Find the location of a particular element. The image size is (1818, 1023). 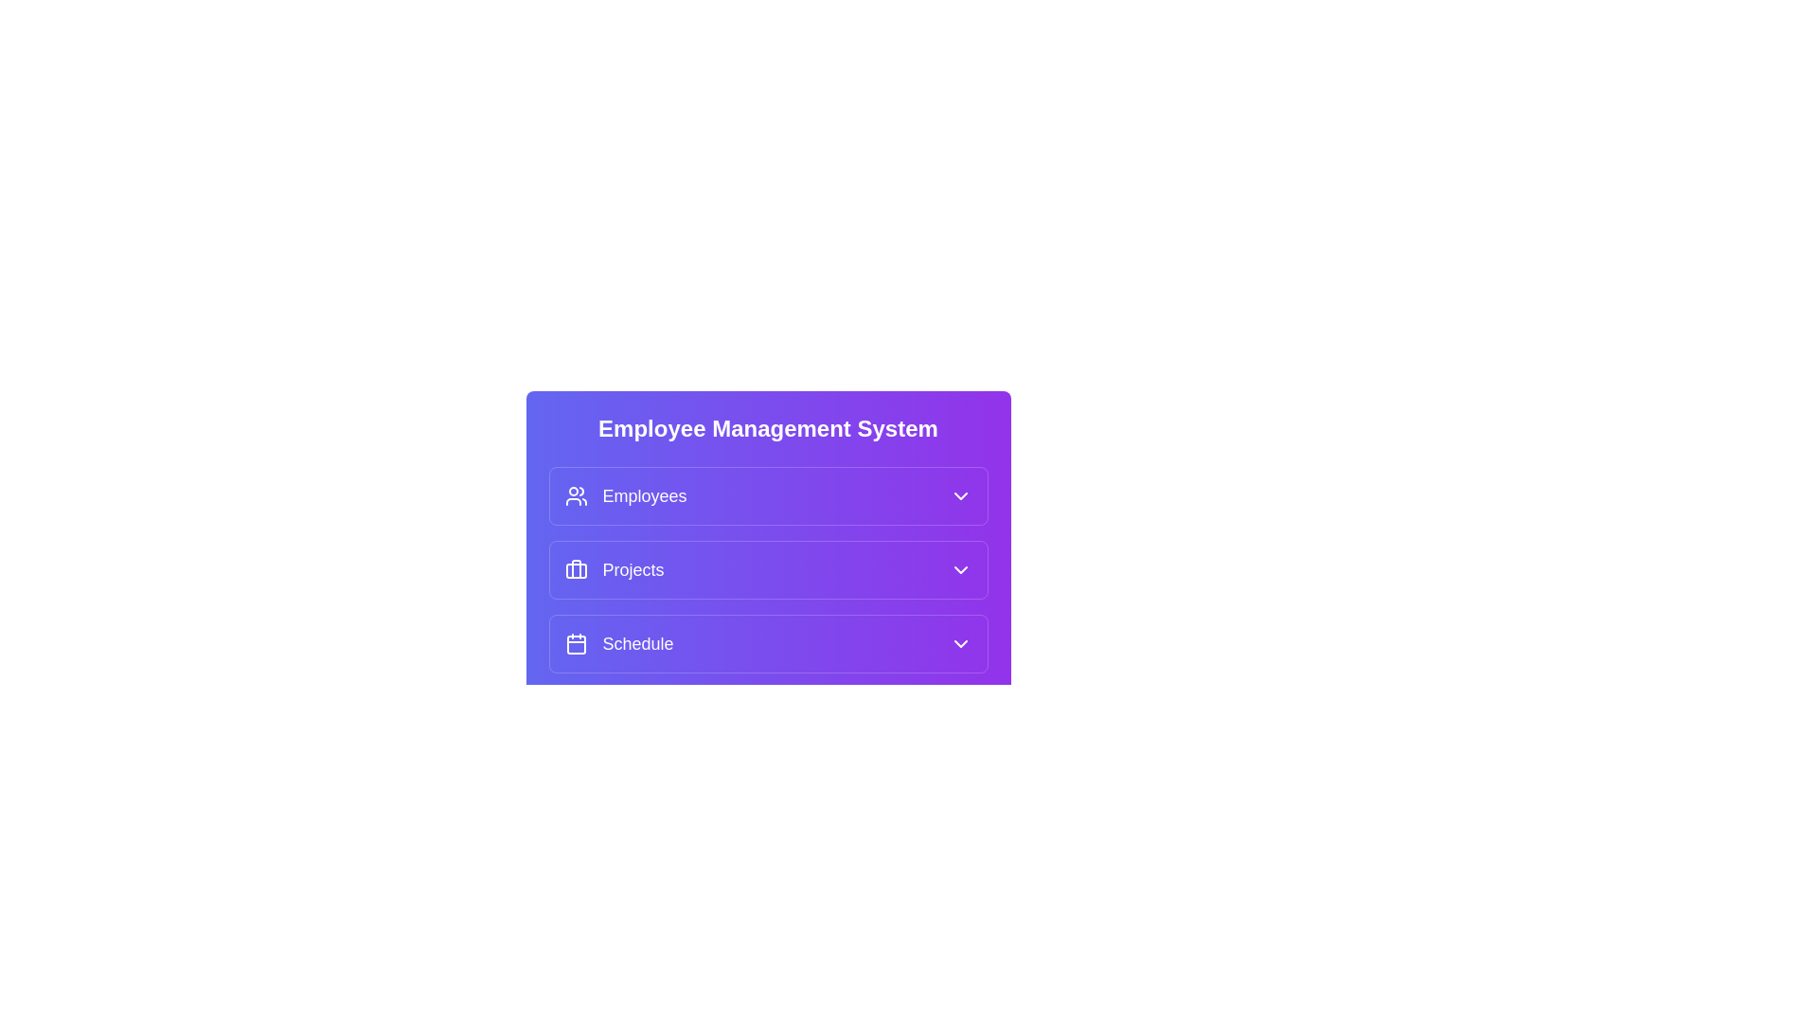

the downward-pointing chevron icon located at the rightmost end of the 'Schedule' button is located at coordinates (960, 642).